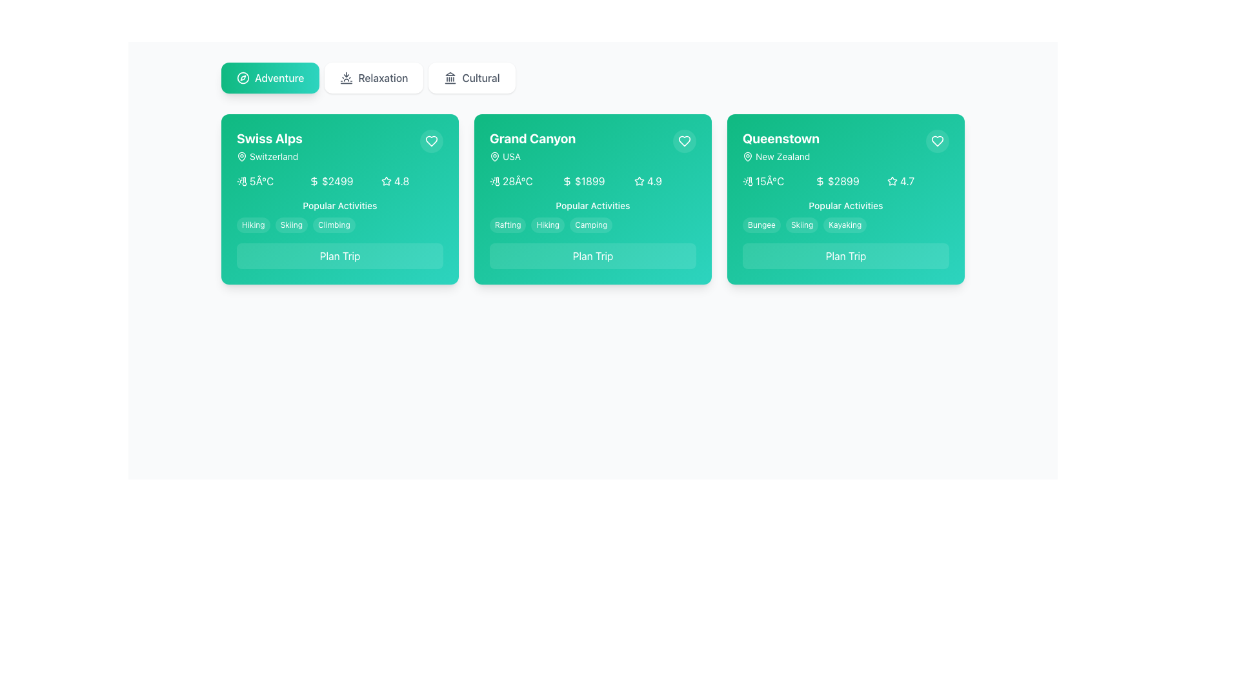 The image size is (1239, 697). Describe the element at coordinates (845, 224) in the screenshot. I see `the small pill-shaped badge labeled 'Kayaking' with white text on a semi-transparent green background, which is the third badge from the left in the 'Popular Activities' section of the Queenstown card` at that location.